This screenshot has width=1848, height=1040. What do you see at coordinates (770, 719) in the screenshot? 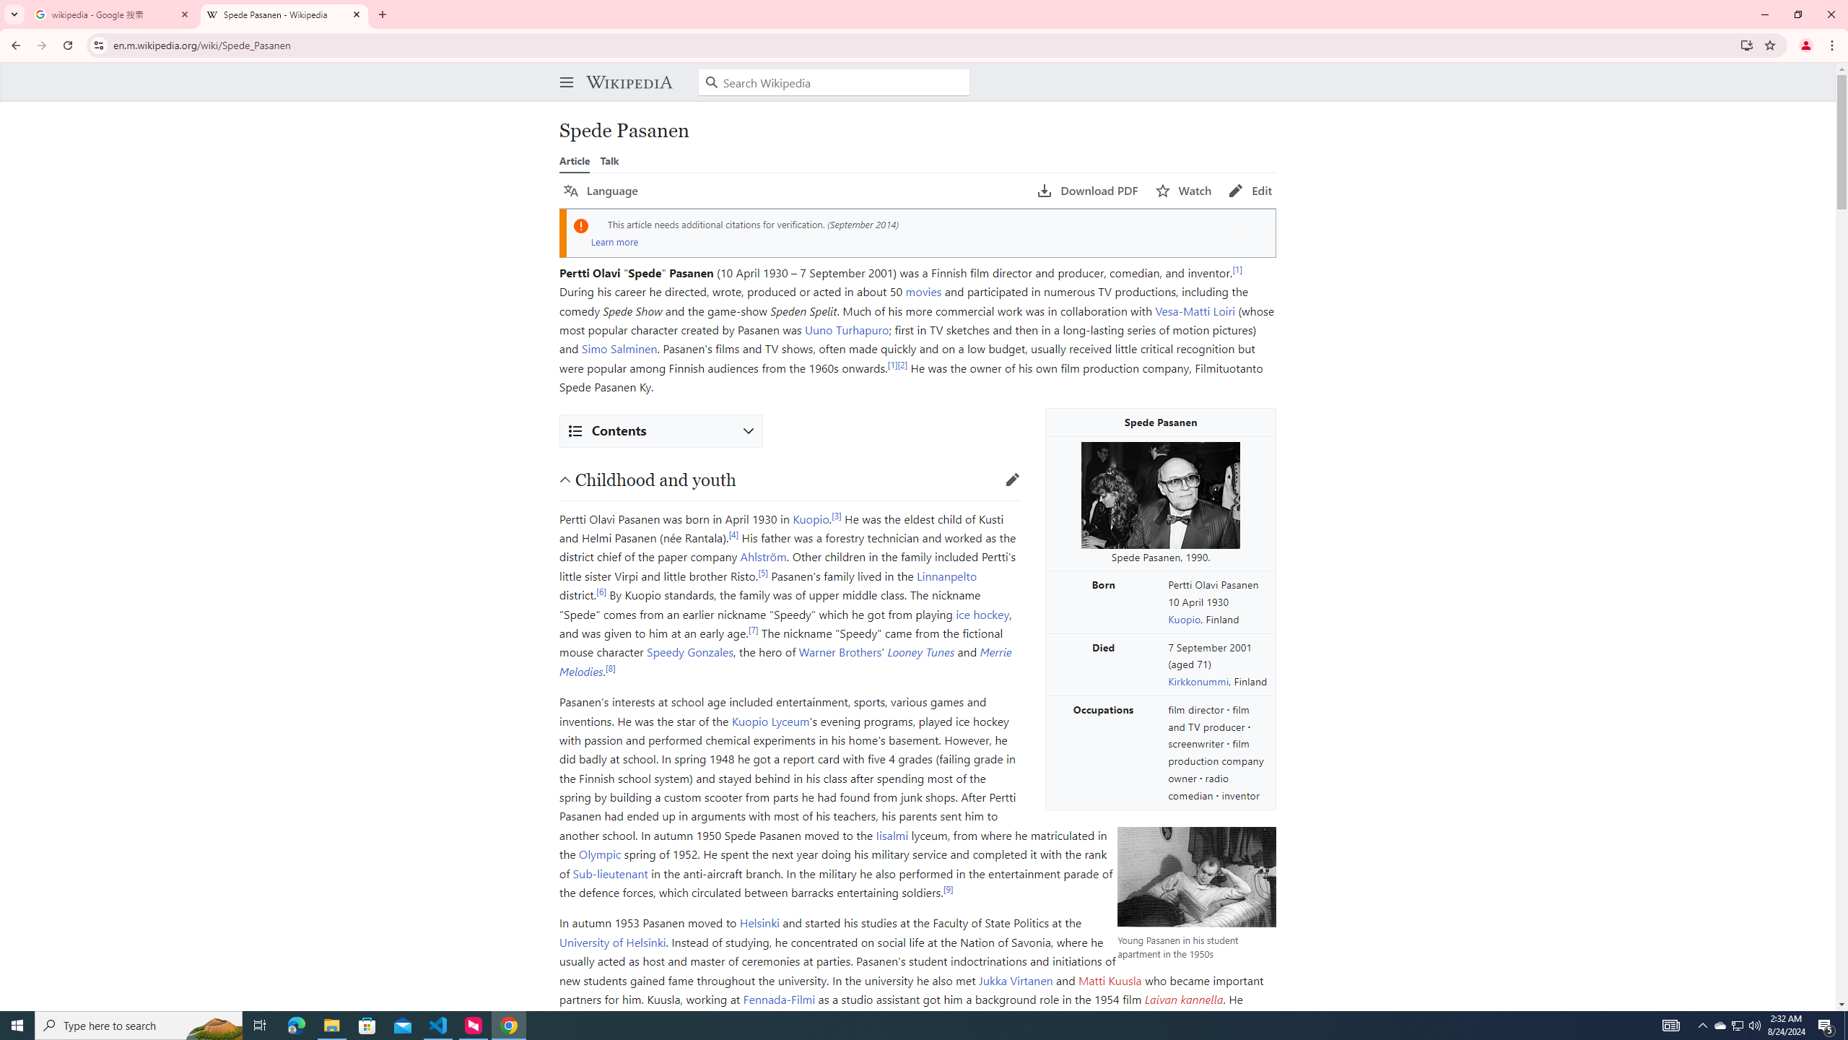
I see `'Kuopio Lyceum'` at bounding box center [770, 719].